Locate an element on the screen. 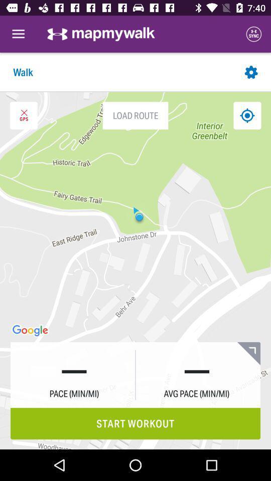 This screenshot has width=271, height=481. the icon next to the load route item is located at coordinates (24, 115).